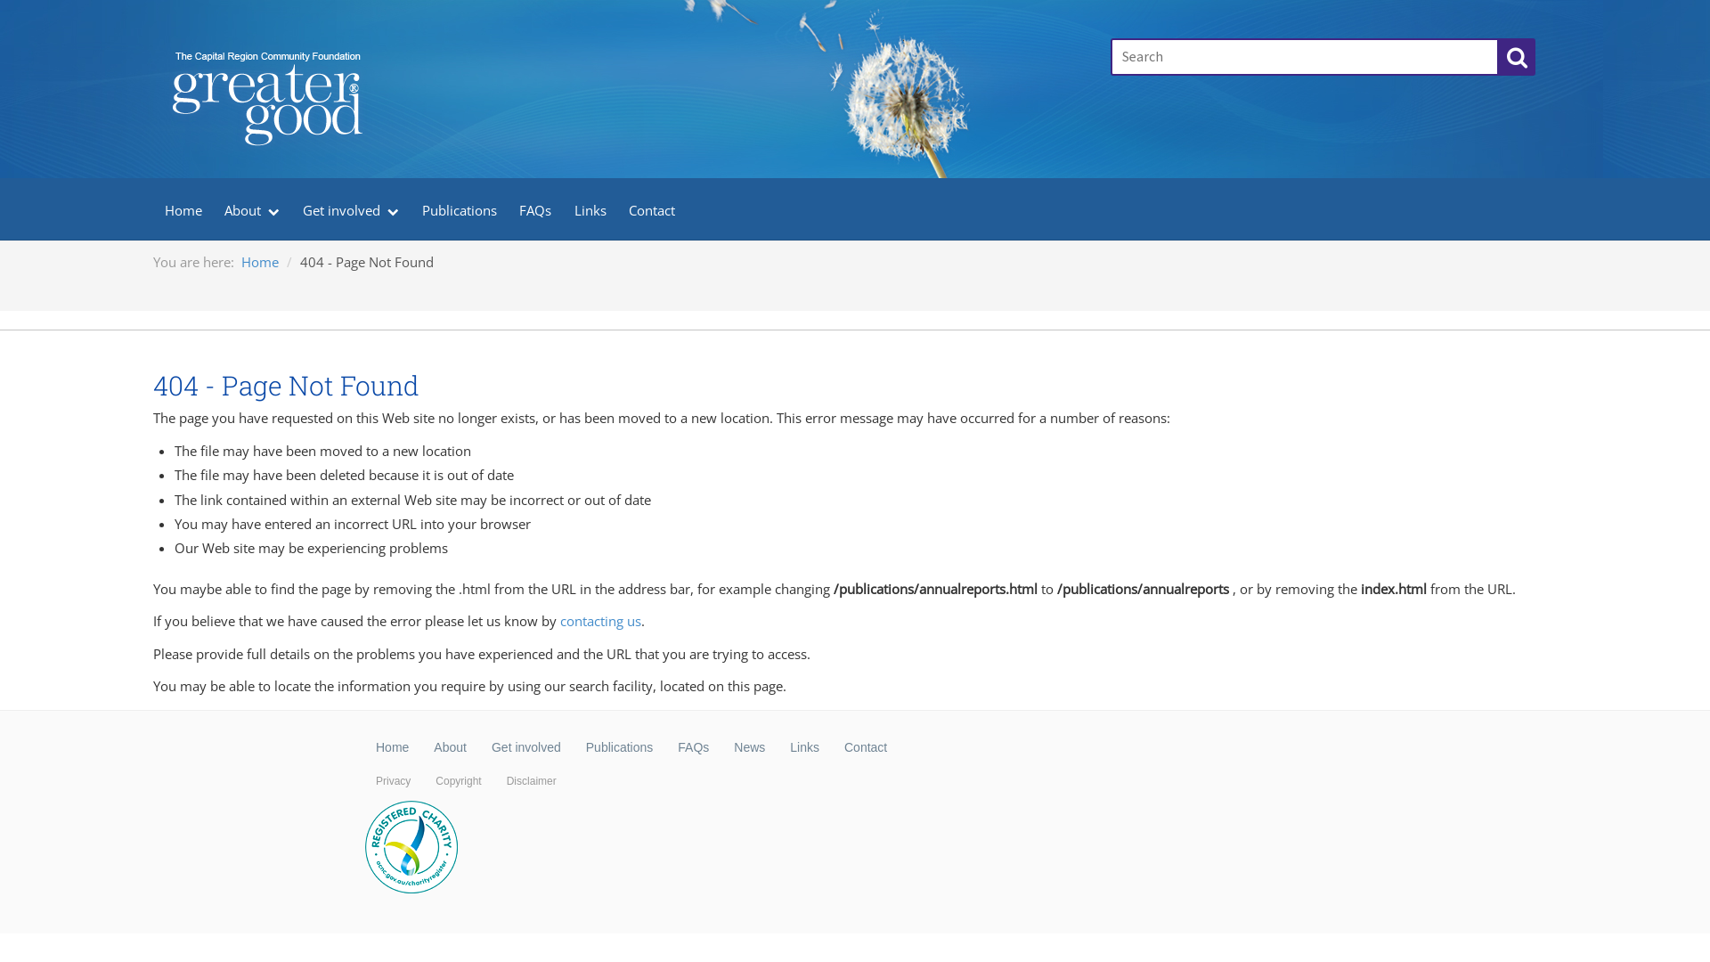 Image resolution: width=1710 pixels, height=962 pixels. I want to click on 'Home', so click(183, 208).